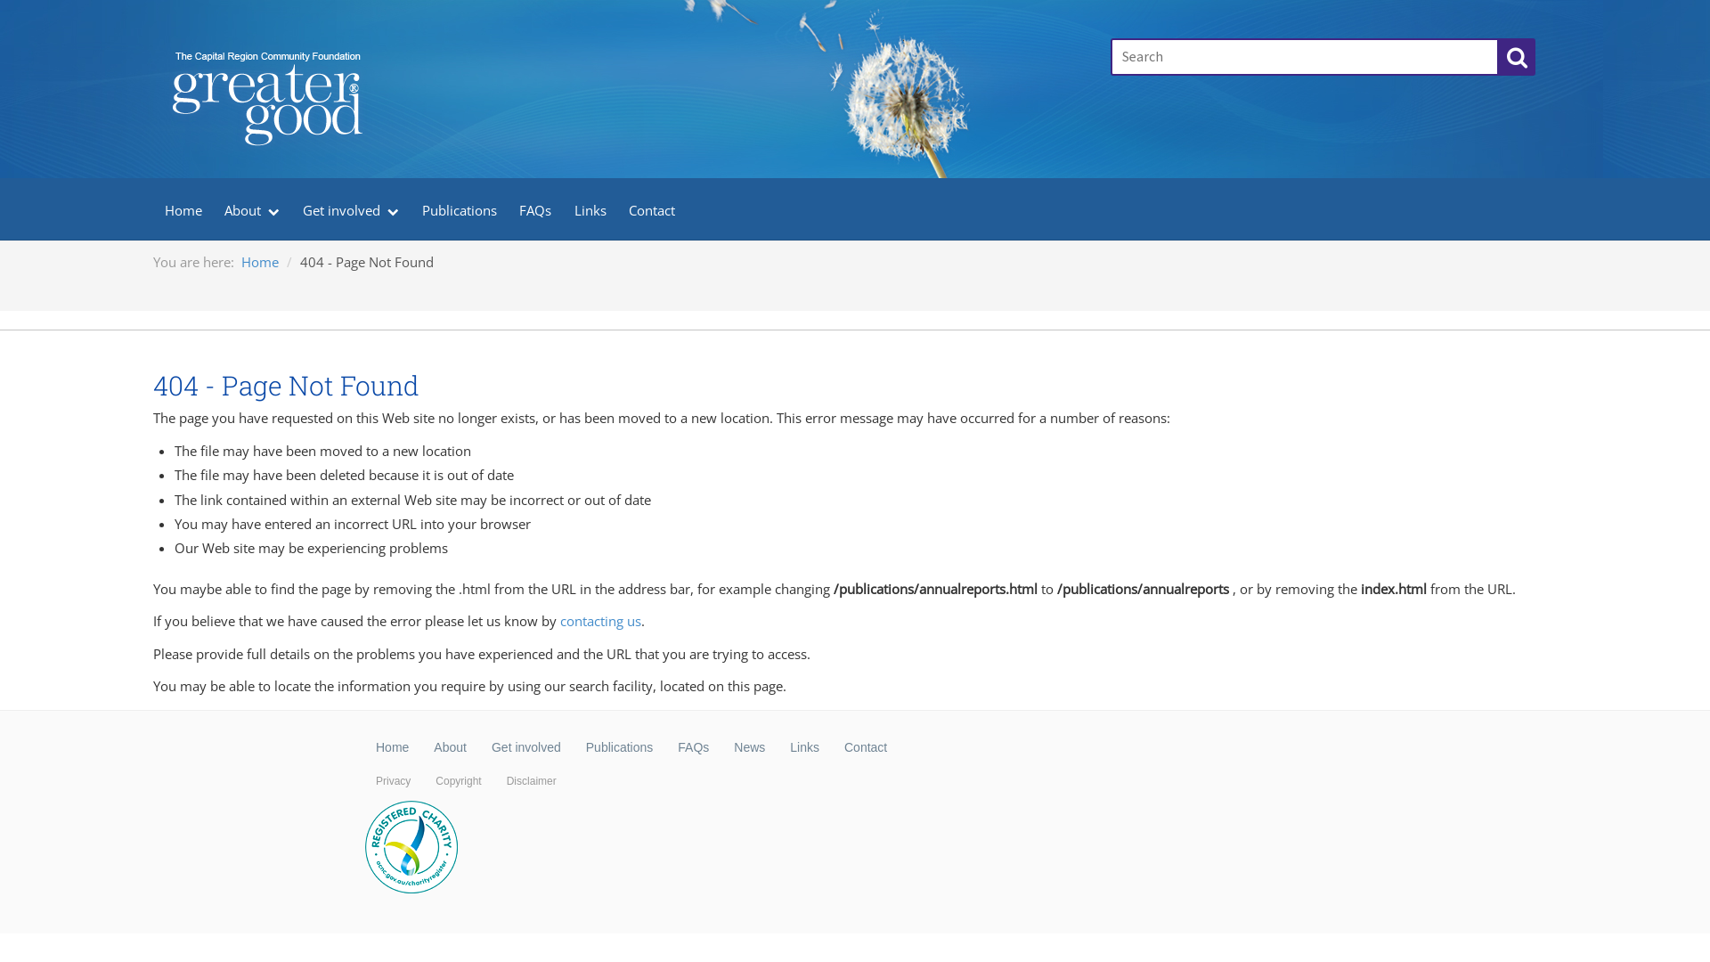 Image resolution: width=1710 pixels, height=962 pixels. I want to click on 'Home', so click(183, 208).